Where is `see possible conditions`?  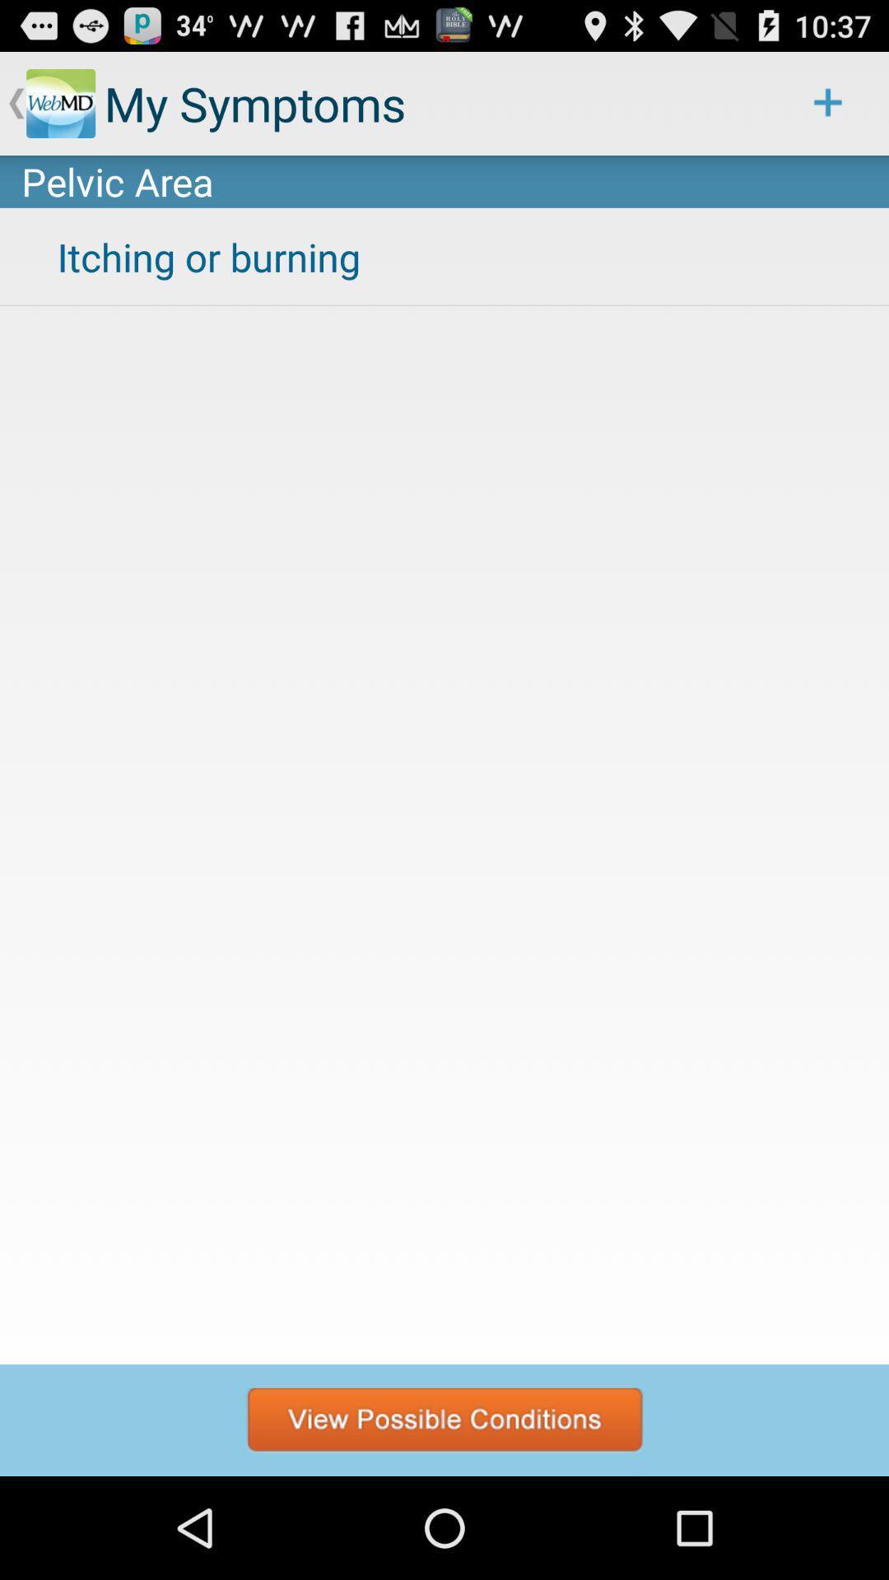 see possible conditions is located at coordinates (444, 1420).